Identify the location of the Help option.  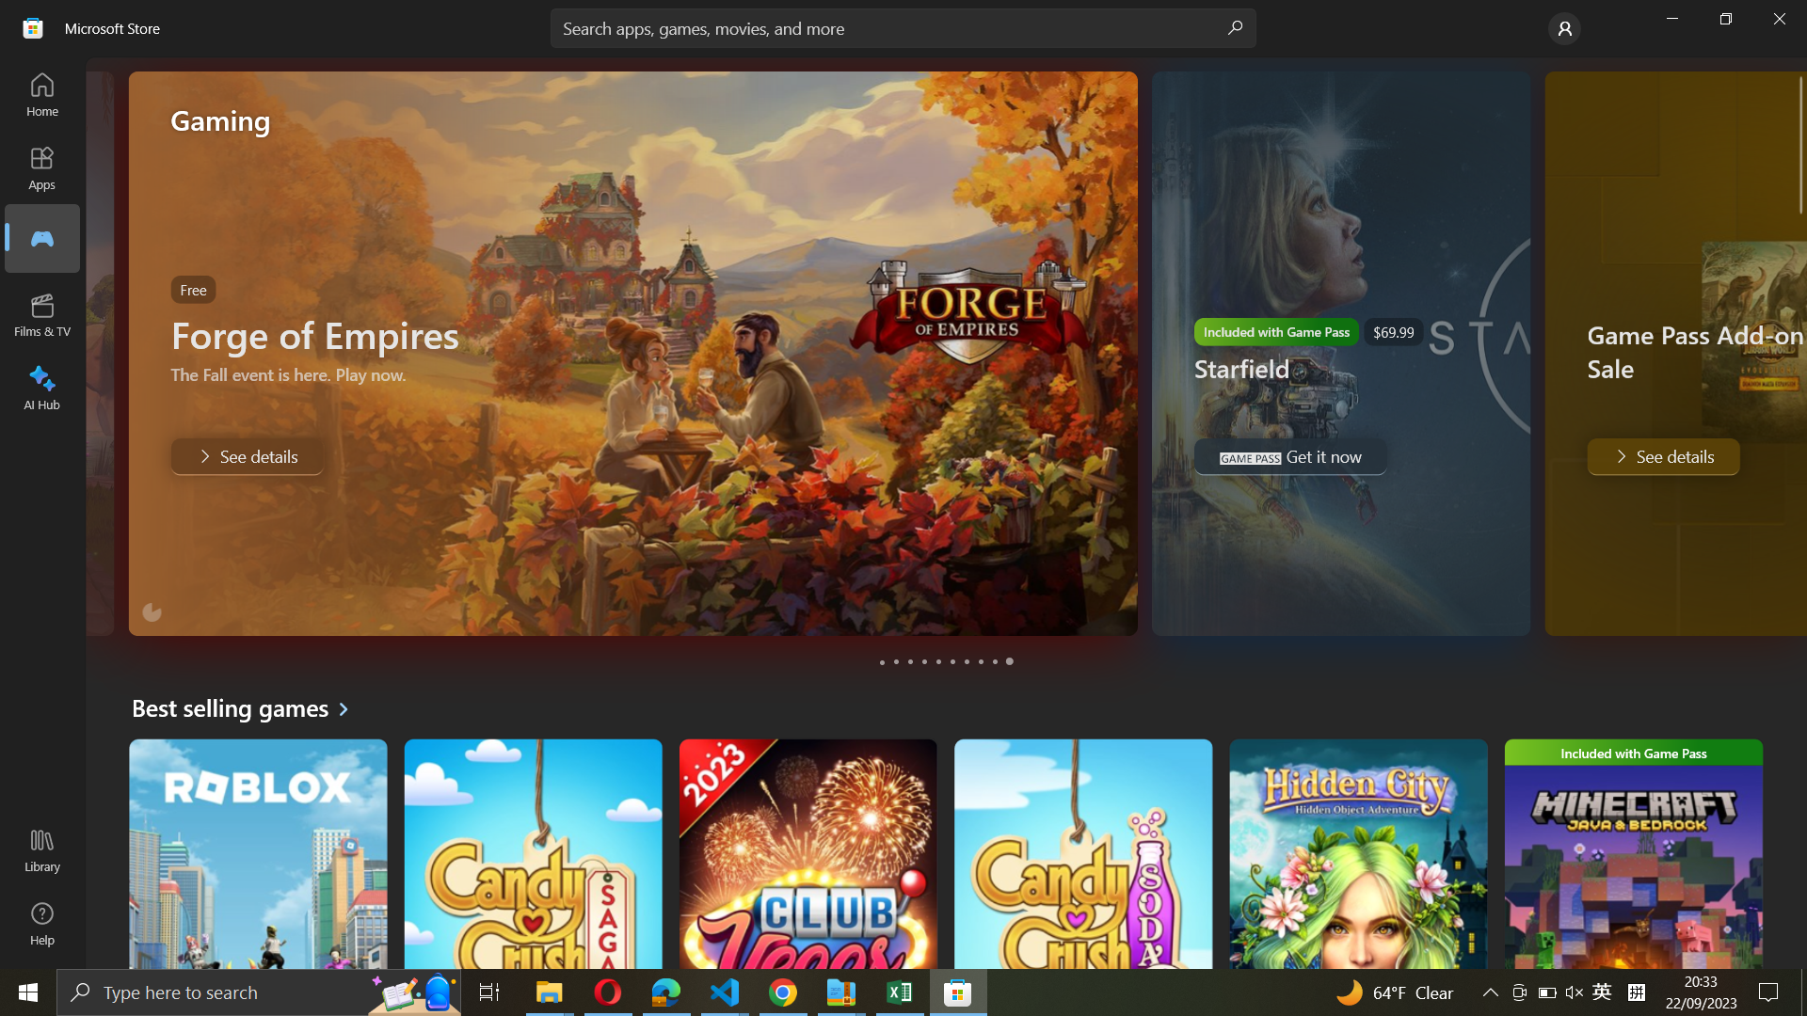
(40, 924).